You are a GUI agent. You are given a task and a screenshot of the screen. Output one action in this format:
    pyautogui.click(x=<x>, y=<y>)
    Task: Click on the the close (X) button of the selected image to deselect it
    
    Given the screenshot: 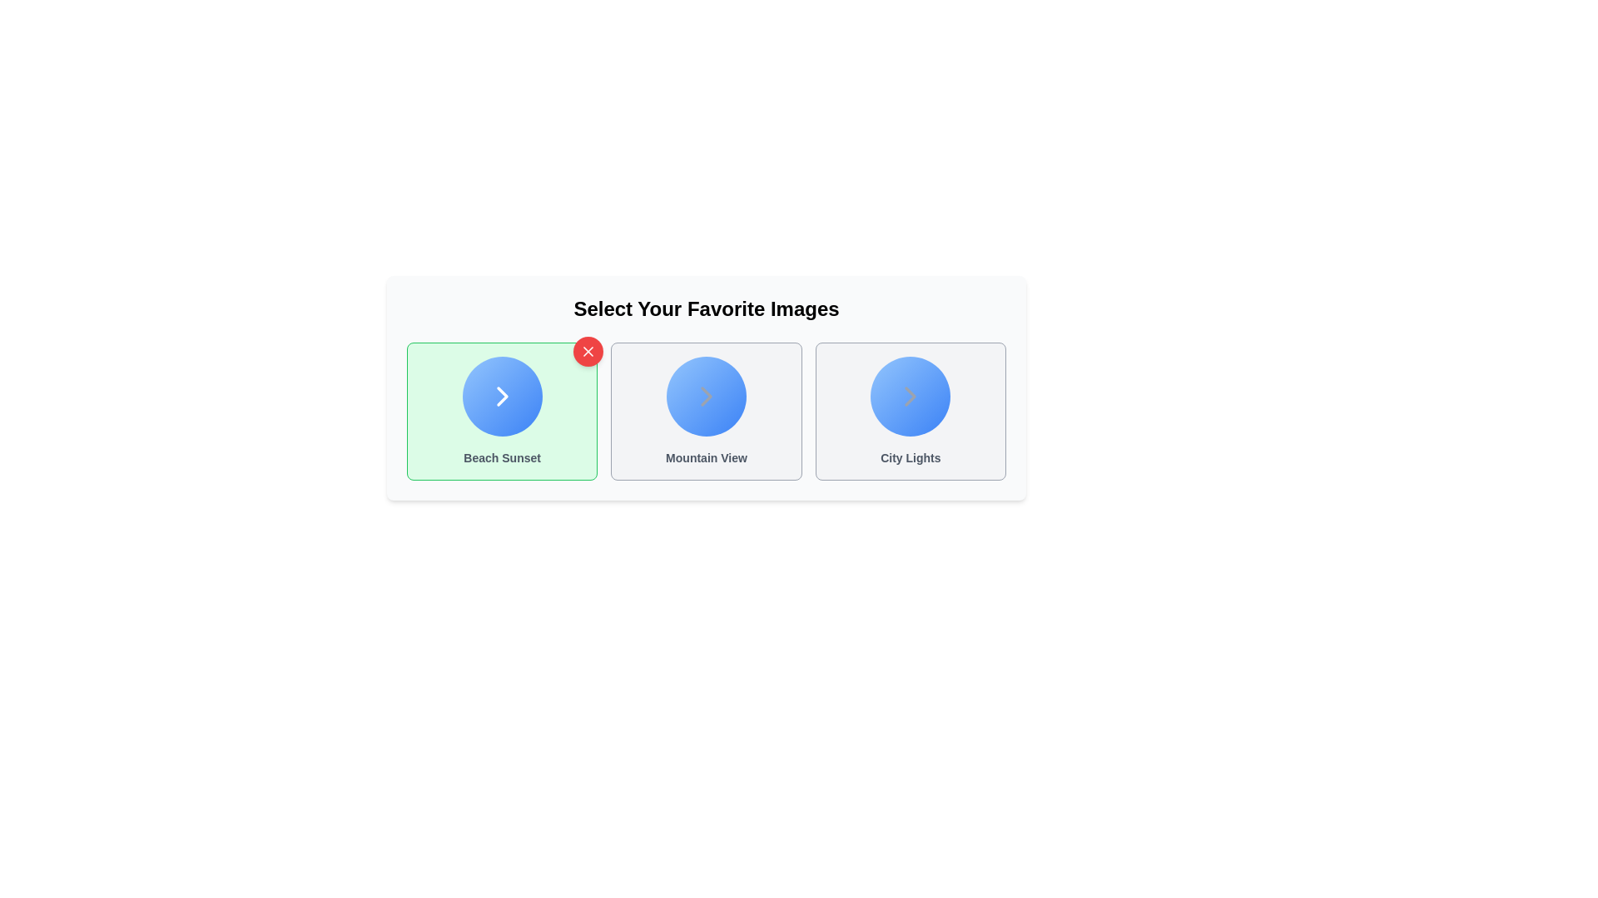 What is the action you would take?
    pyautogui.click(x=588, y=351)
    